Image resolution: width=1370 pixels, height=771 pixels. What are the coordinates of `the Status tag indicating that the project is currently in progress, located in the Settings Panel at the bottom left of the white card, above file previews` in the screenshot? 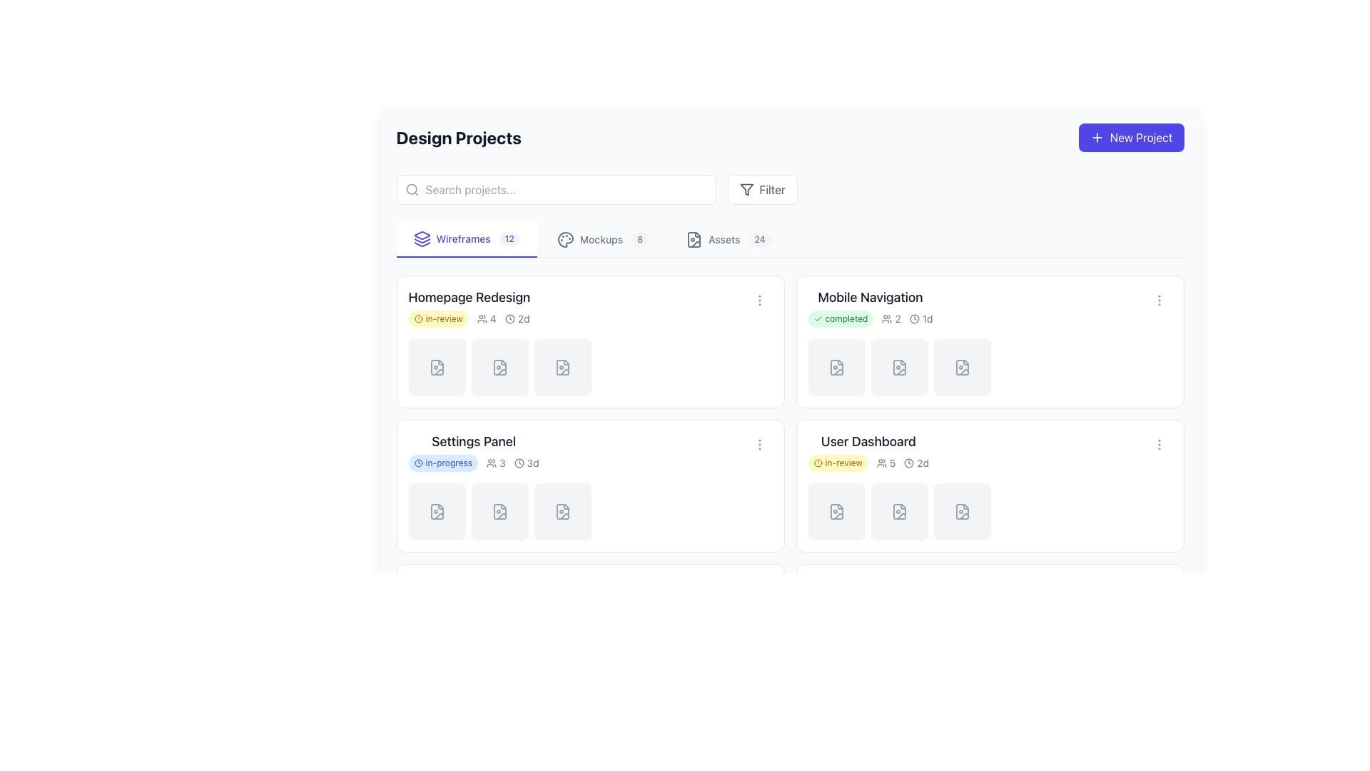 It's located at (474, 463).